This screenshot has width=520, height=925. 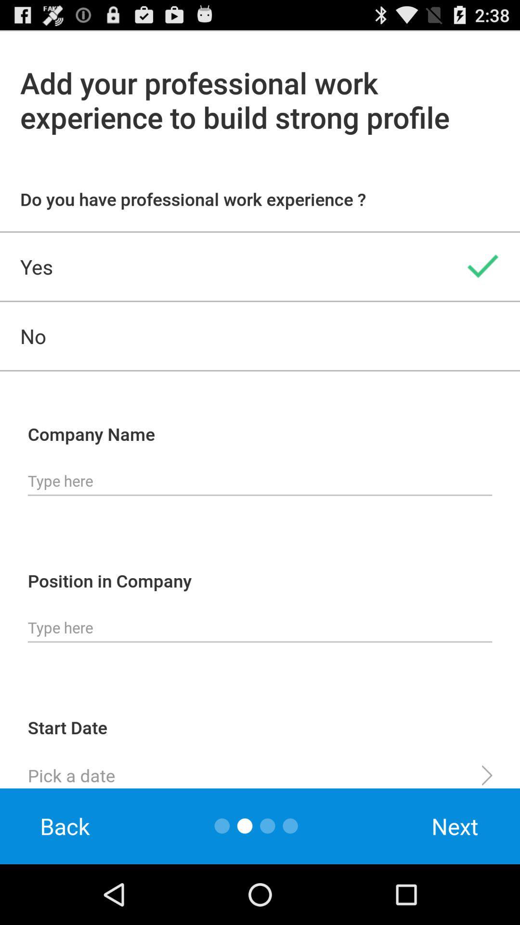 I want to click on type postition in company, so click(x=260, y=628).